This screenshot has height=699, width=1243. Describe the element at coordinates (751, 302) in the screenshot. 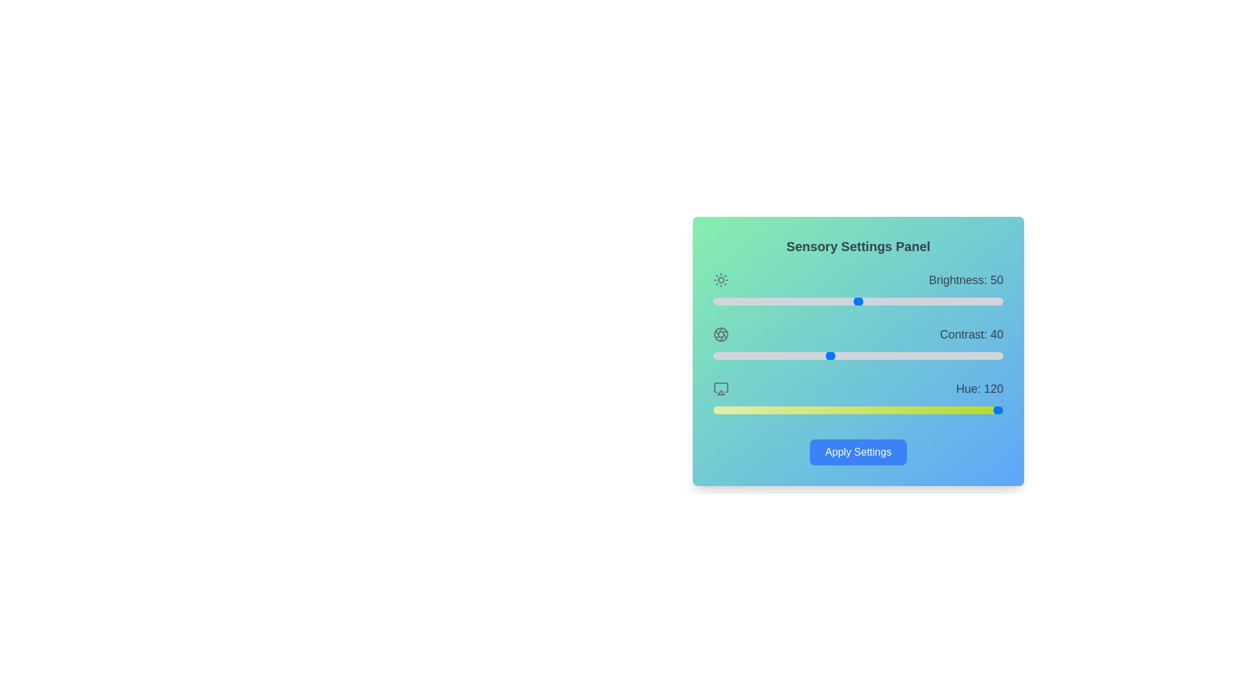

I see `the brightness slider to 13 percent` at that location.